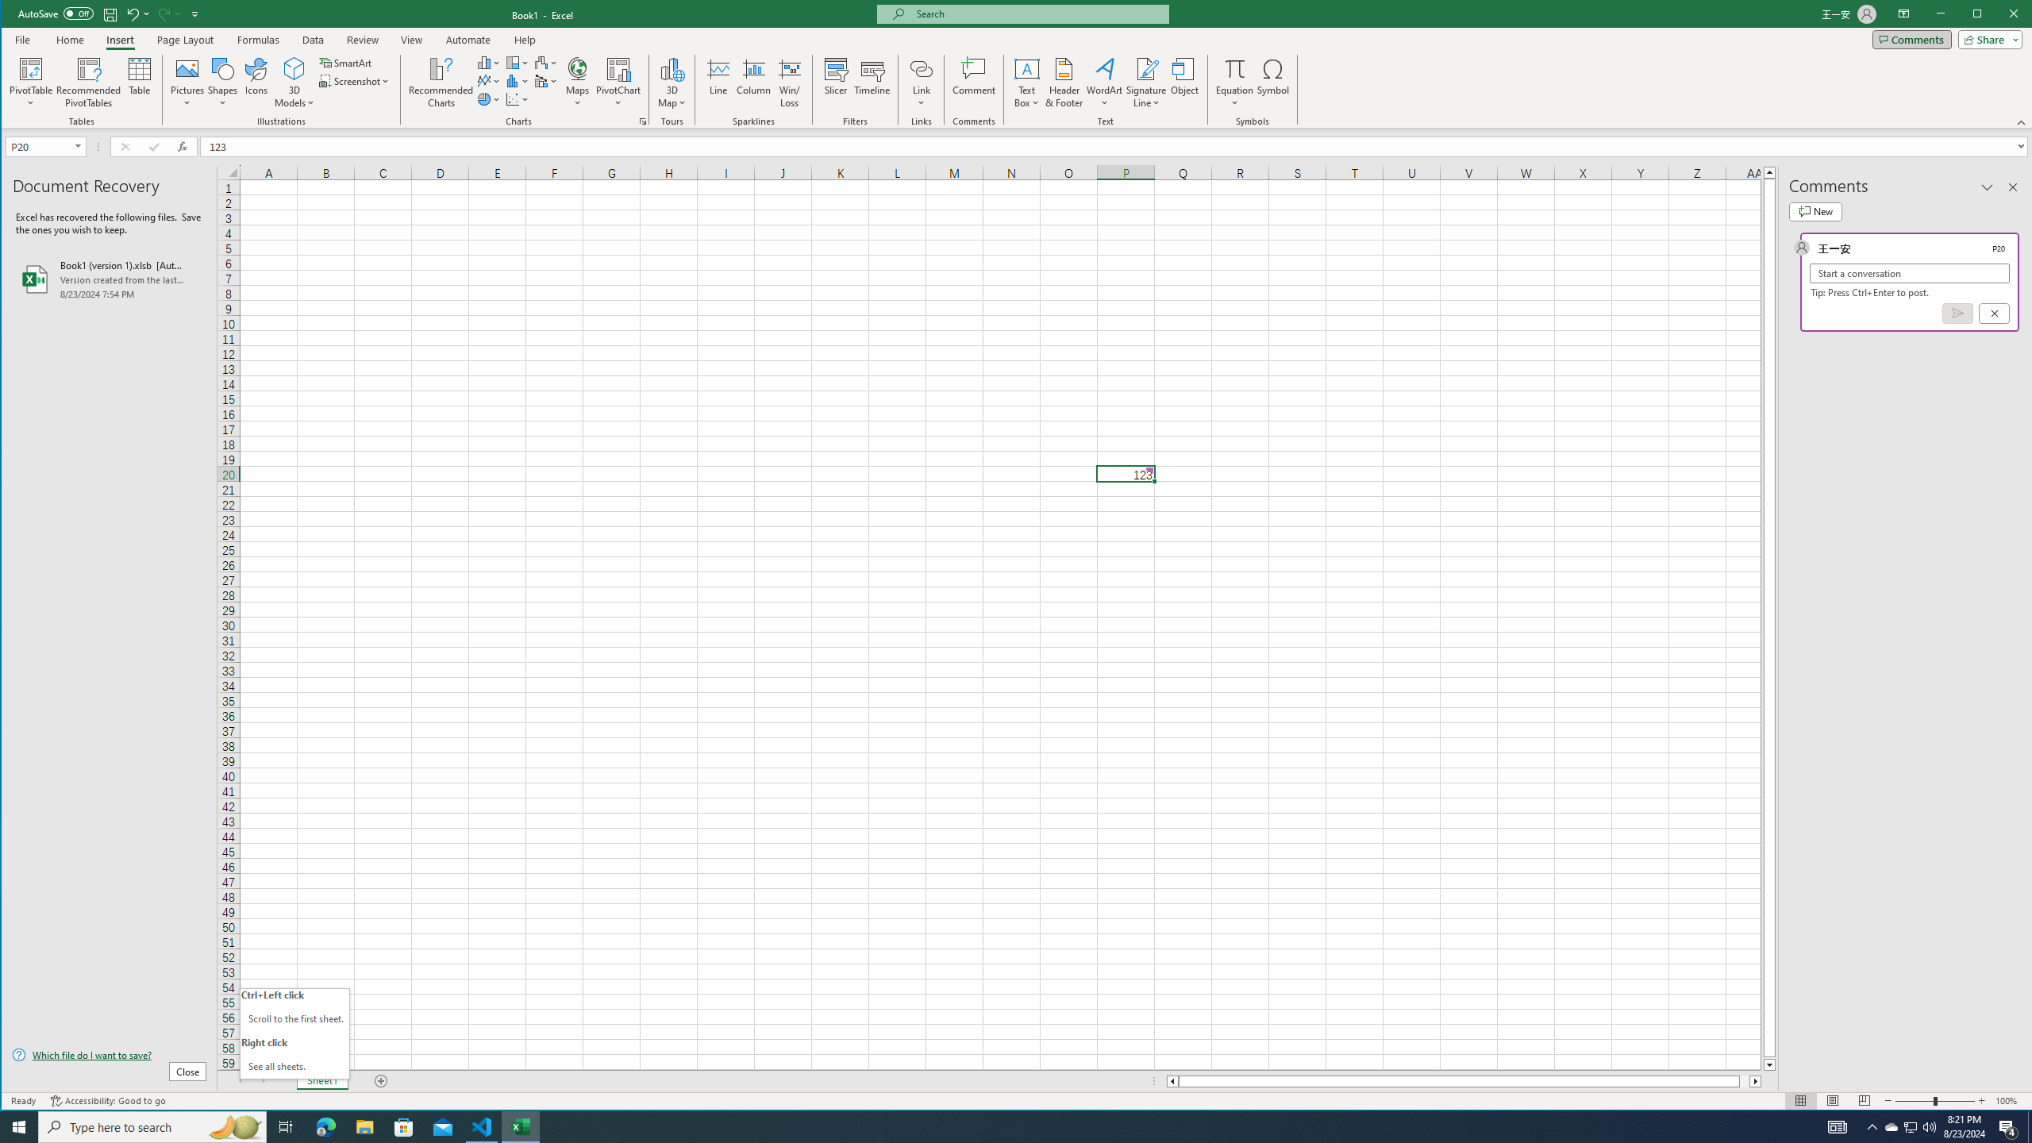  What do you see at coordinates (518, 99) in the screenshot?
I see `'Insert Waterfall, Funnel, Stock, Surface, or Radar Chart'` at bounding box center [518, 99].